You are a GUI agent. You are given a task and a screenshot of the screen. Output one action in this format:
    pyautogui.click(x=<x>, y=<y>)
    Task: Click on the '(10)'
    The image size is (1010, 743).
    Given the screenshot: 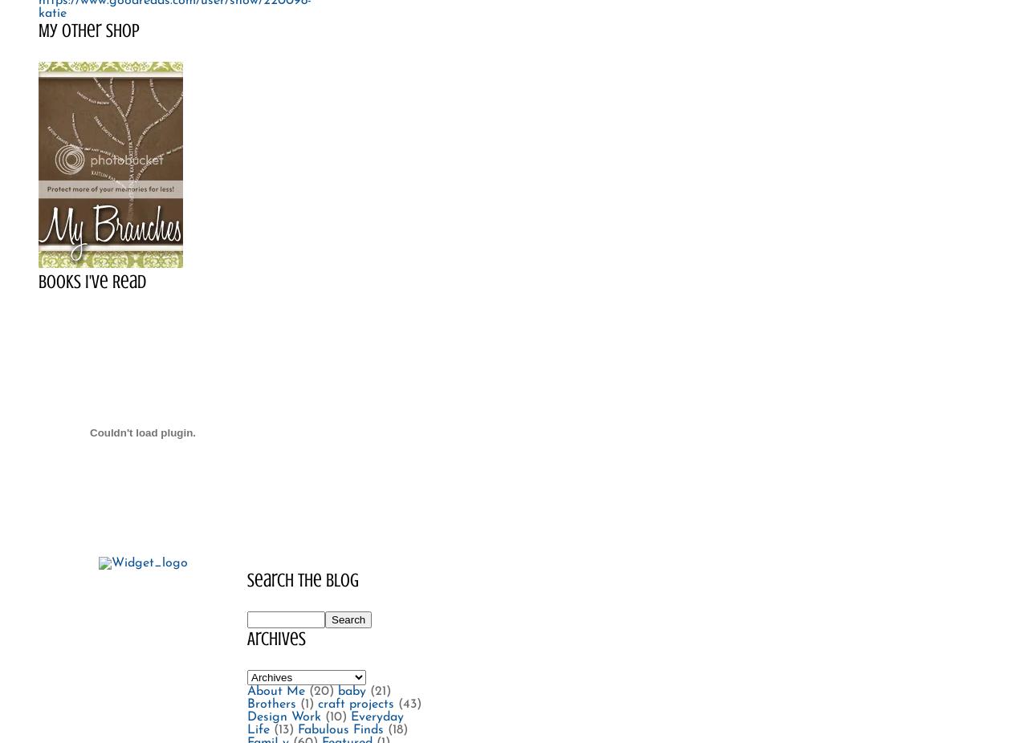 What is the action you would take?
    pyautogui.click(x=335, y=717)
    